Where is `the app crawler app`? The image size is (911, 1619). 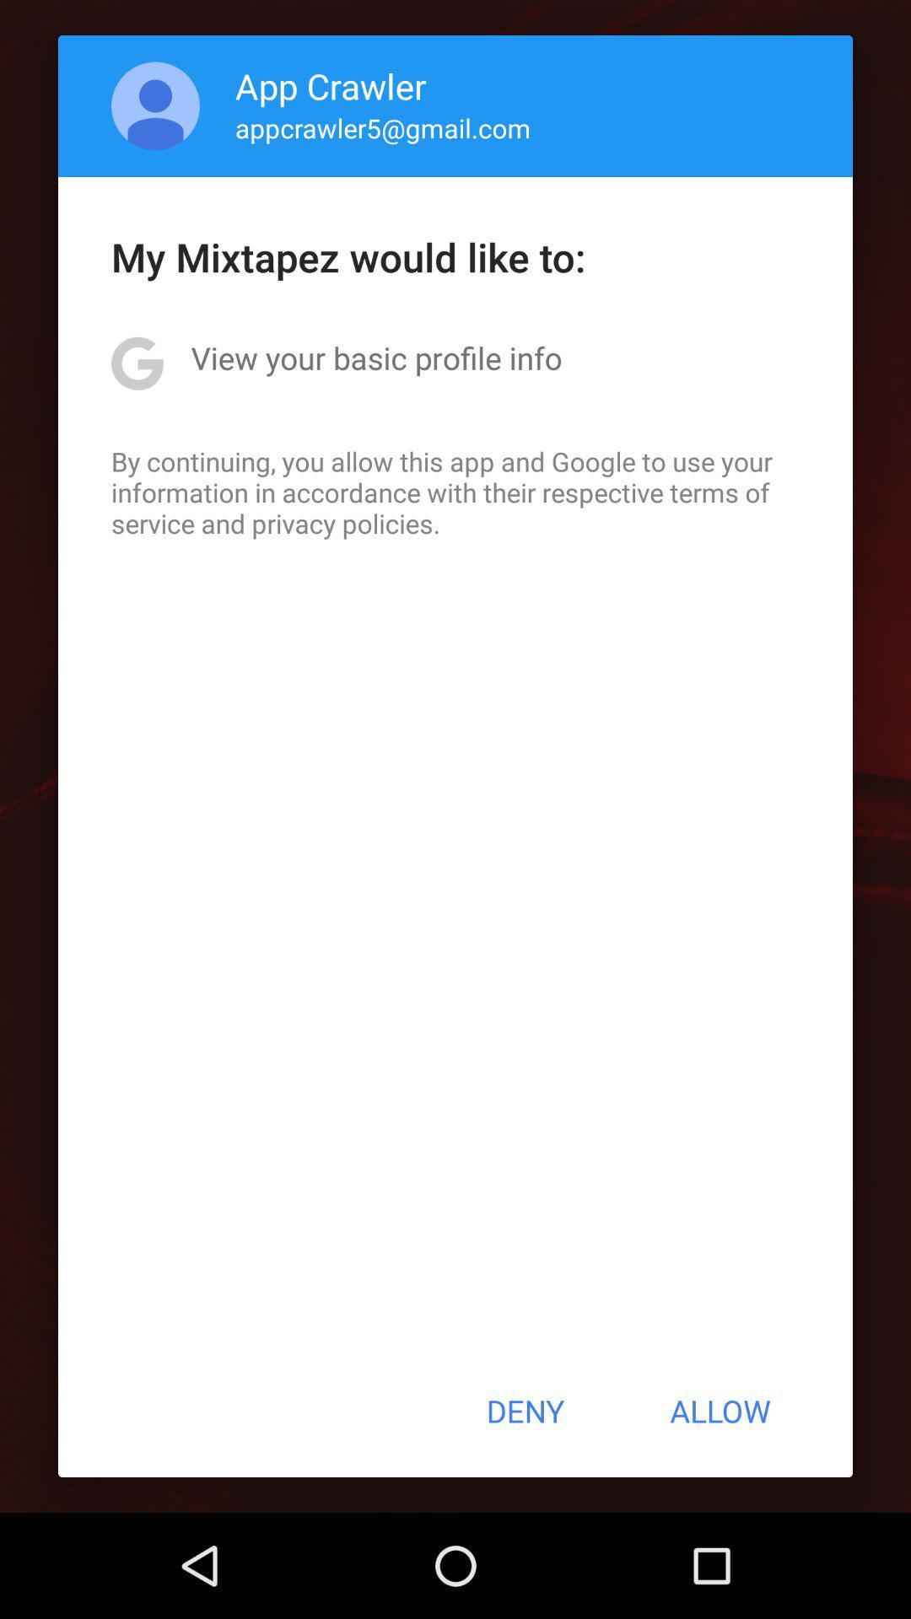 the app crawler app is located at coordinates (331, 84).